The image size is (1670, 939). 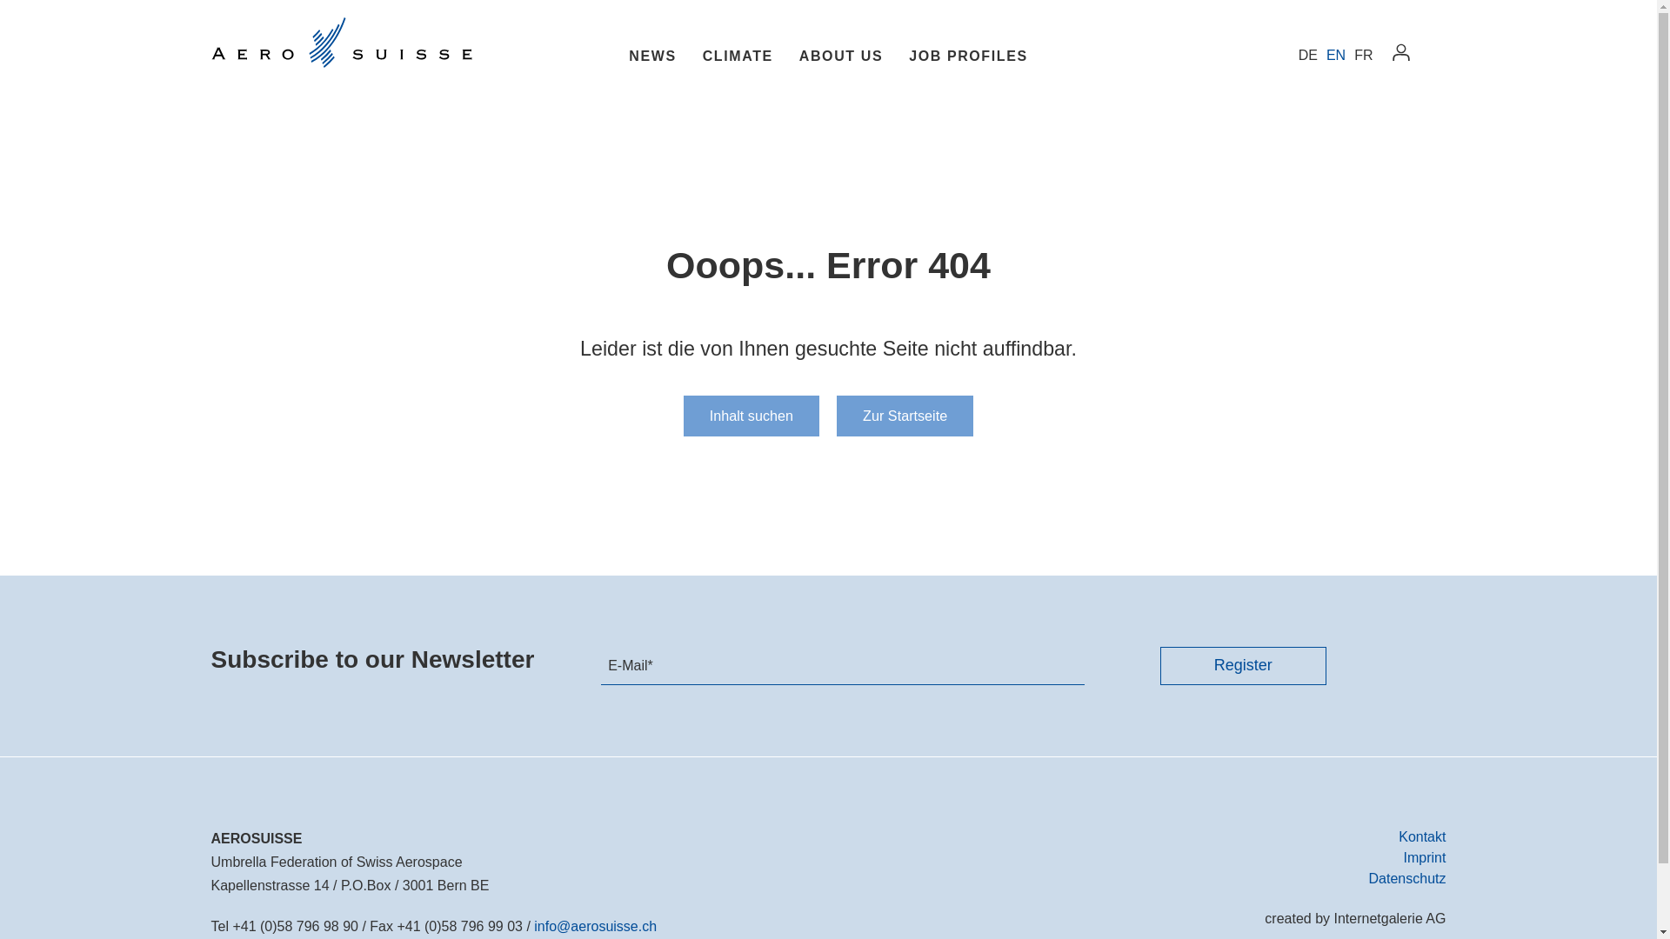 What do you see at coordinates (1307, 55) in the screenshot?
I see `'DE'` at bounding box center [1307, 55].